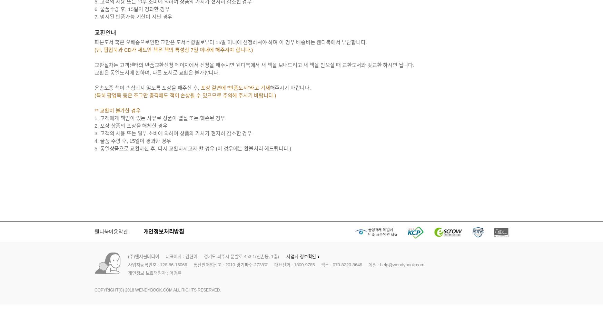 The width and height of the screenshot is (603, 326). I want to click on '경기도 파주시 문발로 453-1(신촌동, 1층)', so click(241, 256).